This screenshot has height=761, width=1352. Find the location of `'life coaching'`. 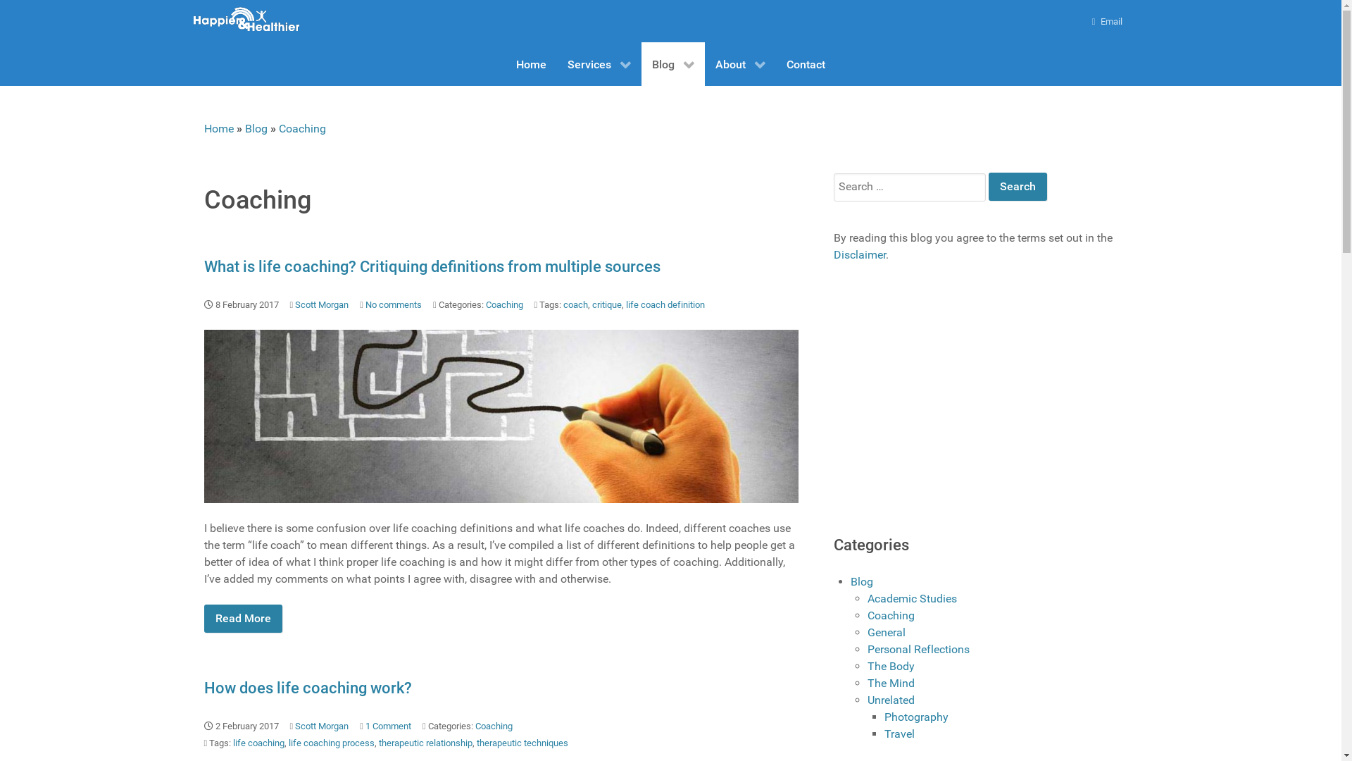

'life coaching' is located at coordinates (258, 742).